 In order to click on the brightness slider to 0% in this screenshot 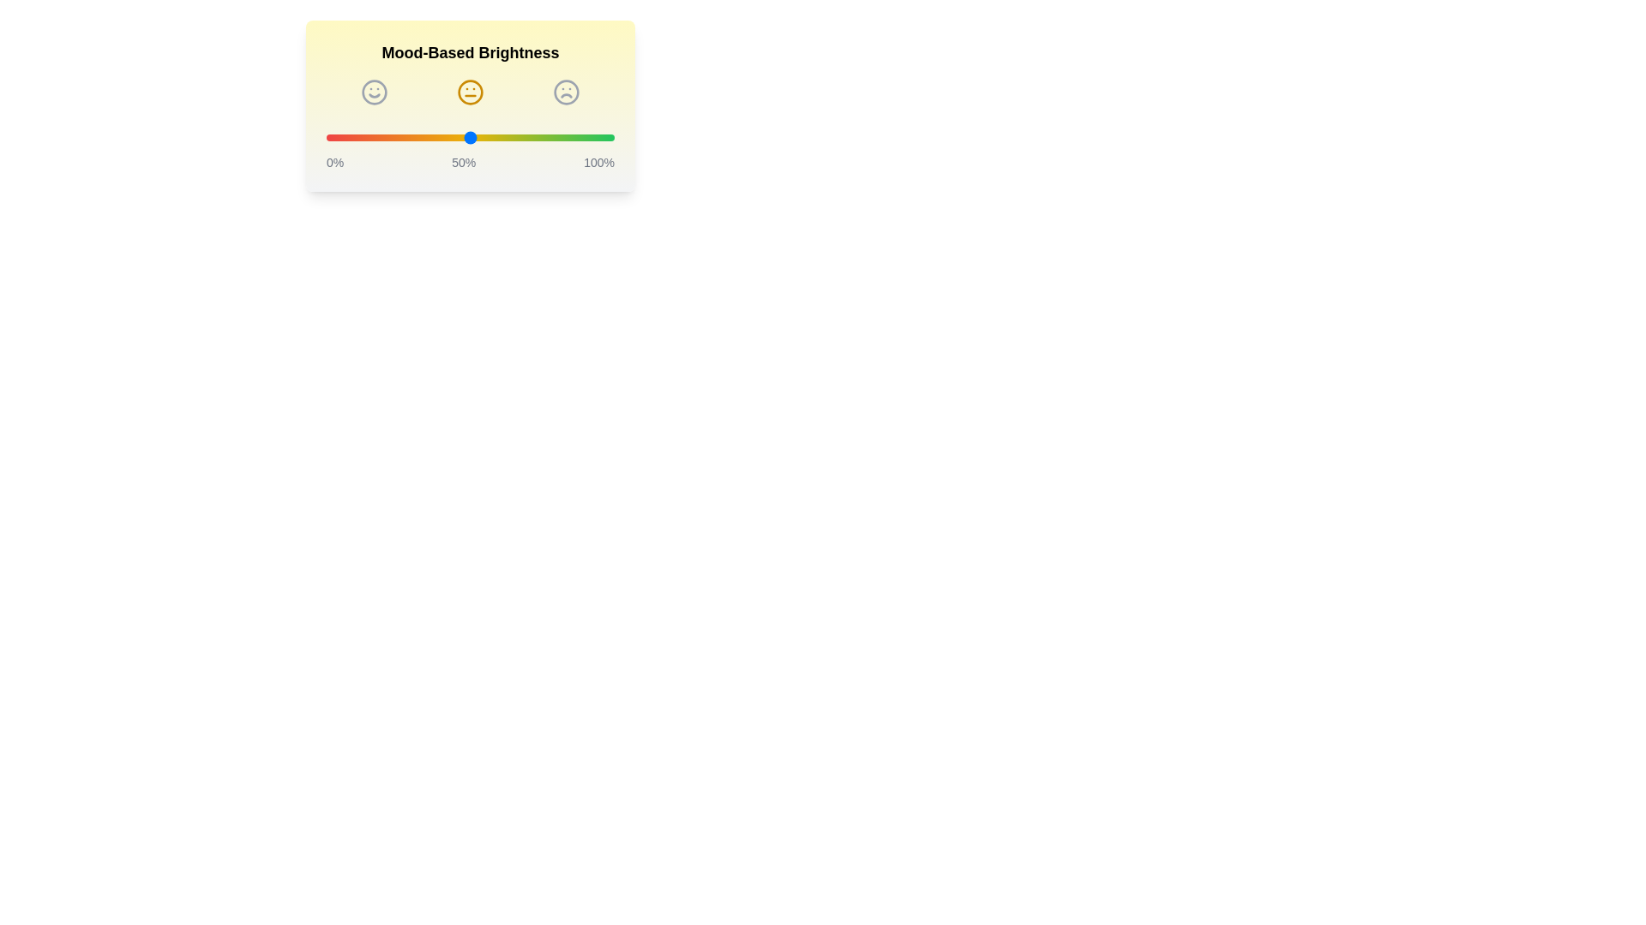, I will do `click(326, 137)`.